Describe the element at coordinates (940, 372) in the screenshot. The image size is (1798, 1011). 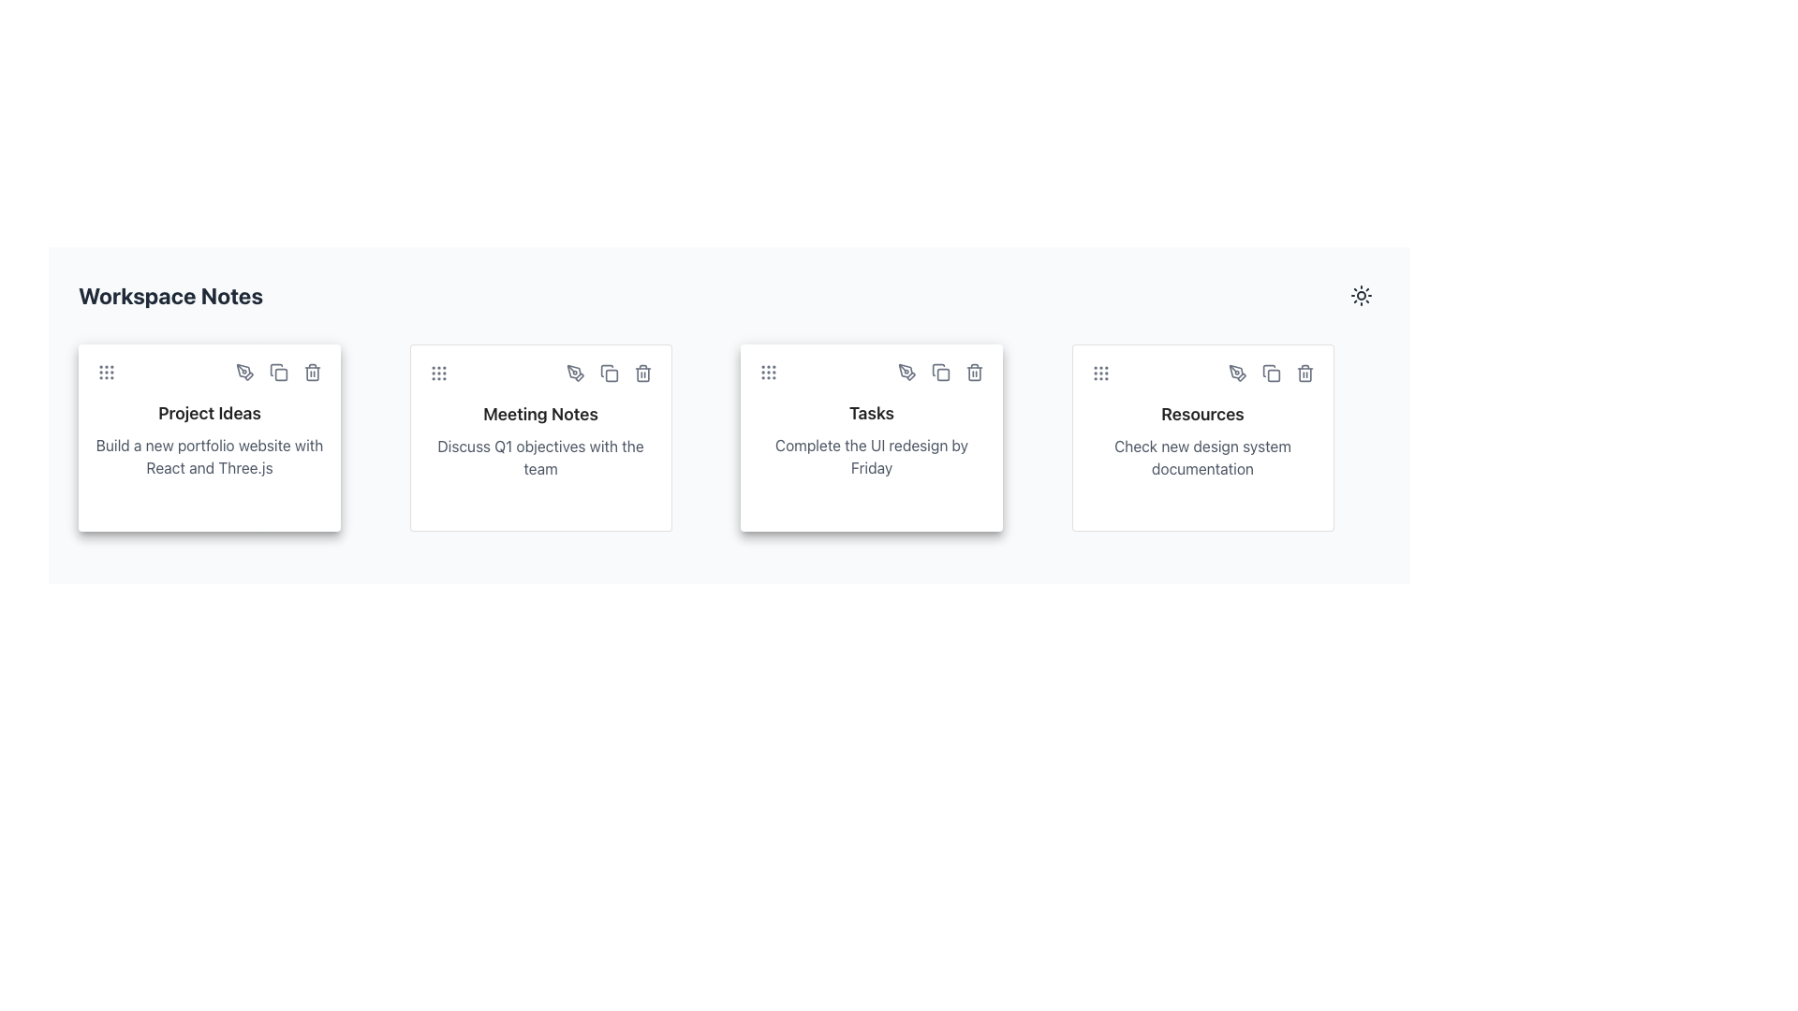
I see `the Icon button located at the top-right corner of the 'Tasks' card` at that location.